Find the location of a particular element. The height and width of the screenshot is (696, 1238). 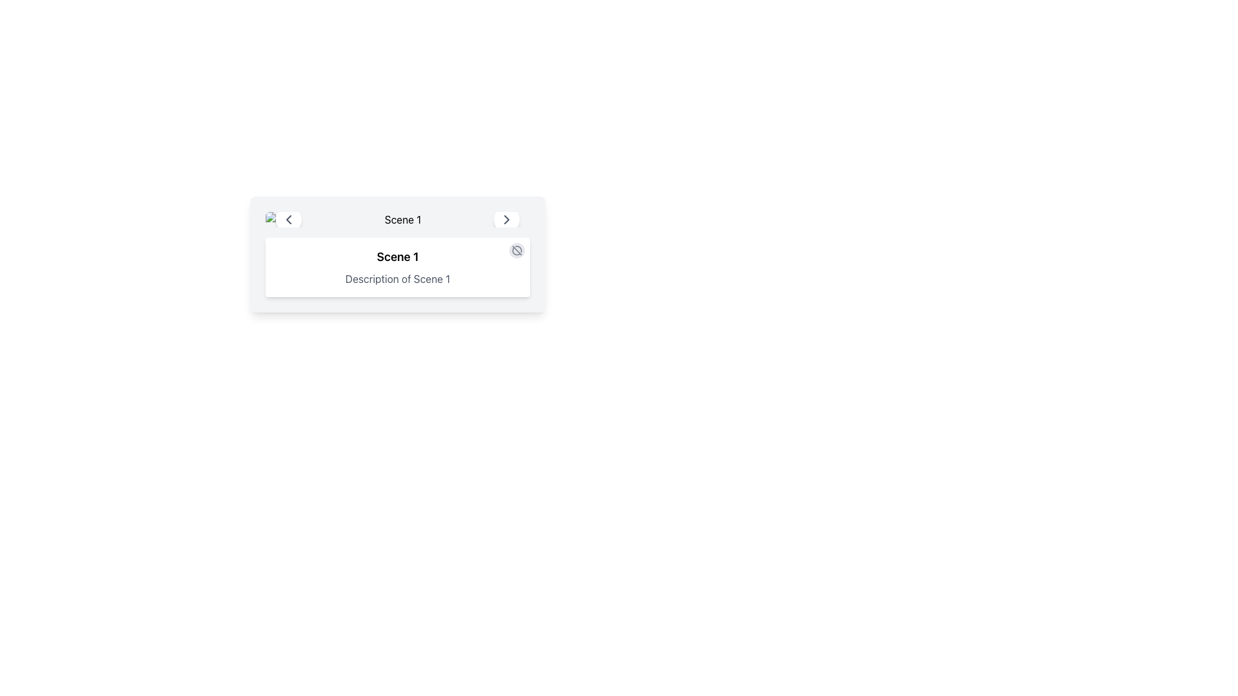

the left navigation icon (Chevron or Arrow) that allows the user to move left or go back to a previous page or section is located at coordinates (288, 218).